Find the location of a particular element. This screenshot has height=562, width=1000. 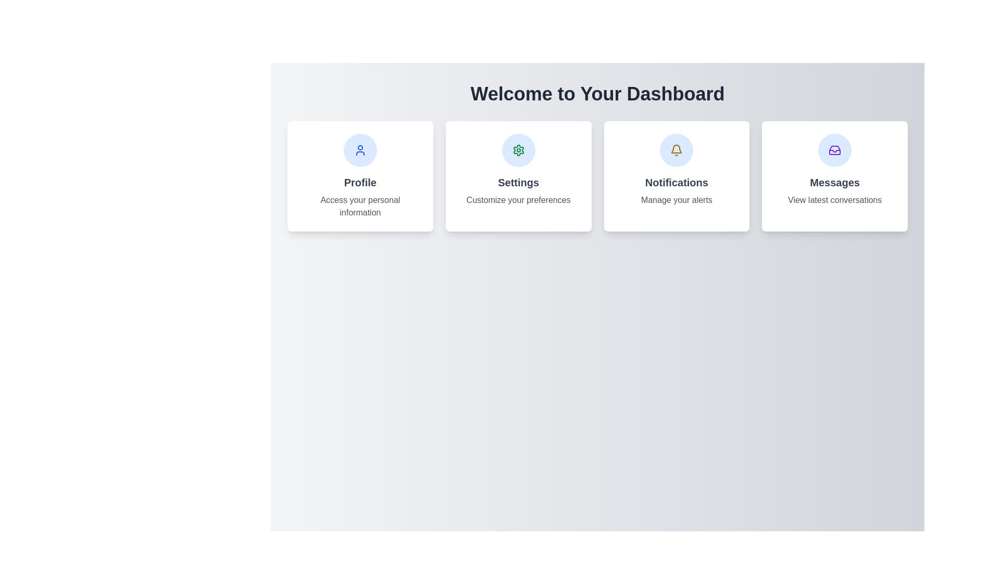

the visual representation of the 'Notifications' card located in the top part of the third card from the left under the 'Welcome to Your Dashboard' heading is located at coordinates (677, 150).